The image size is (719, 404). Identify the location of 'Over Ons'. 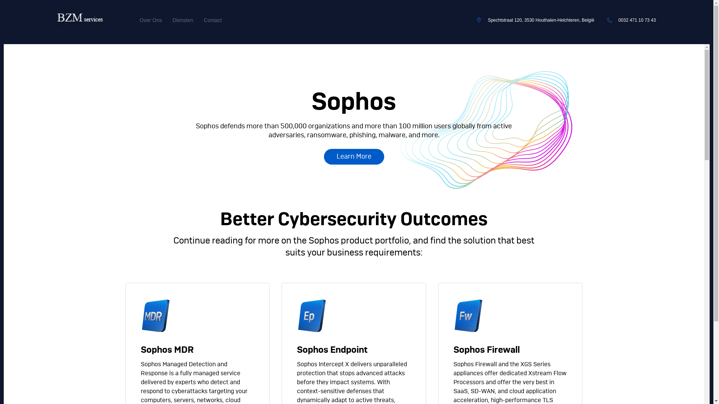
(151, 20).